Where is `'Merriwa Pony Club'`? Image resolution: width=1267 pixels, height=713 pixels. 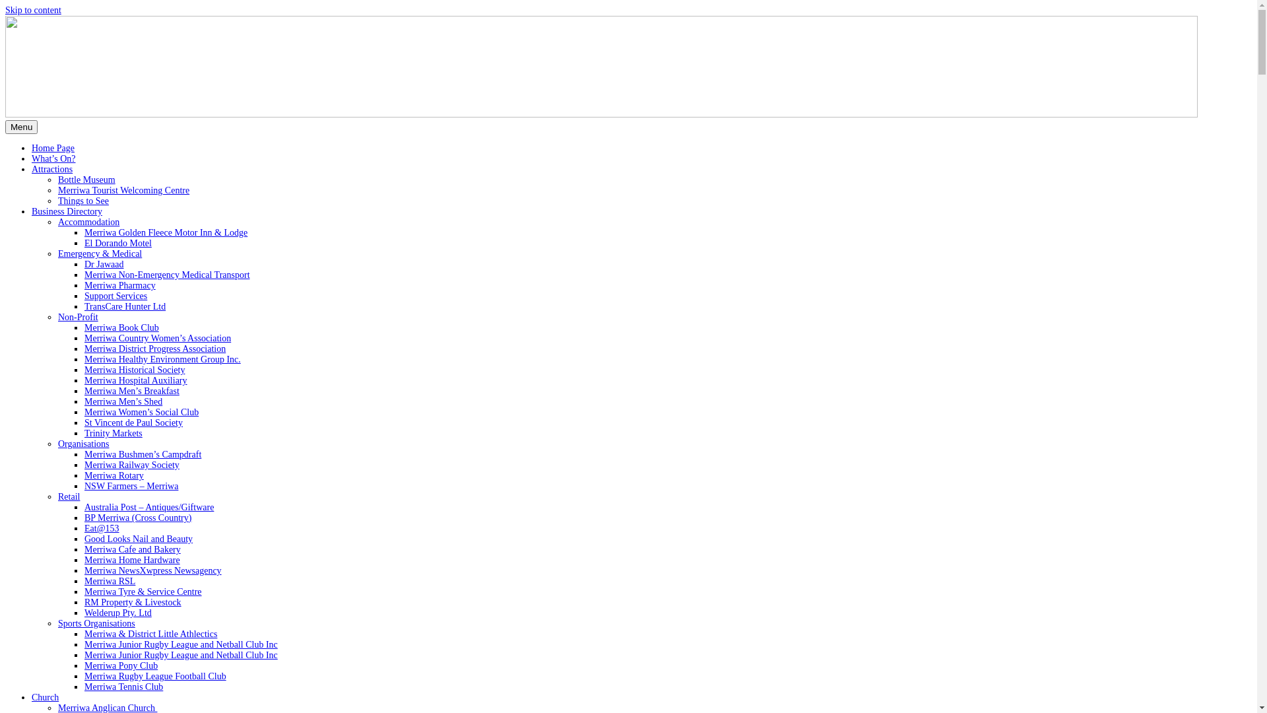 'Merriwa Pony Club' is located at coordinates (121, 665).